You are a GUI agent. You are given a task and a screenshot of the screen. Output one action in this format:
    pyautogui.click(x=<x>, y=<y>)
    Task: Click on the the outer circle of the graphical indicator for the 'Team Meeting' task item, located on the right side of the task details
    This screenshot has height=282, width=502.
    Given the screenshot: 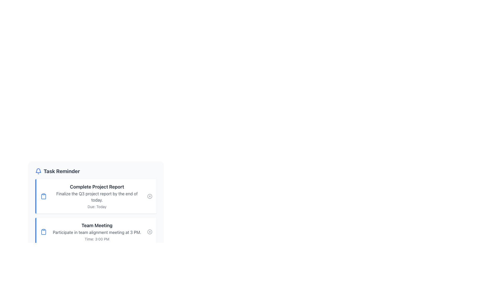 What is the action you would take?
    pyautogui.click(x=149, y=231)
    